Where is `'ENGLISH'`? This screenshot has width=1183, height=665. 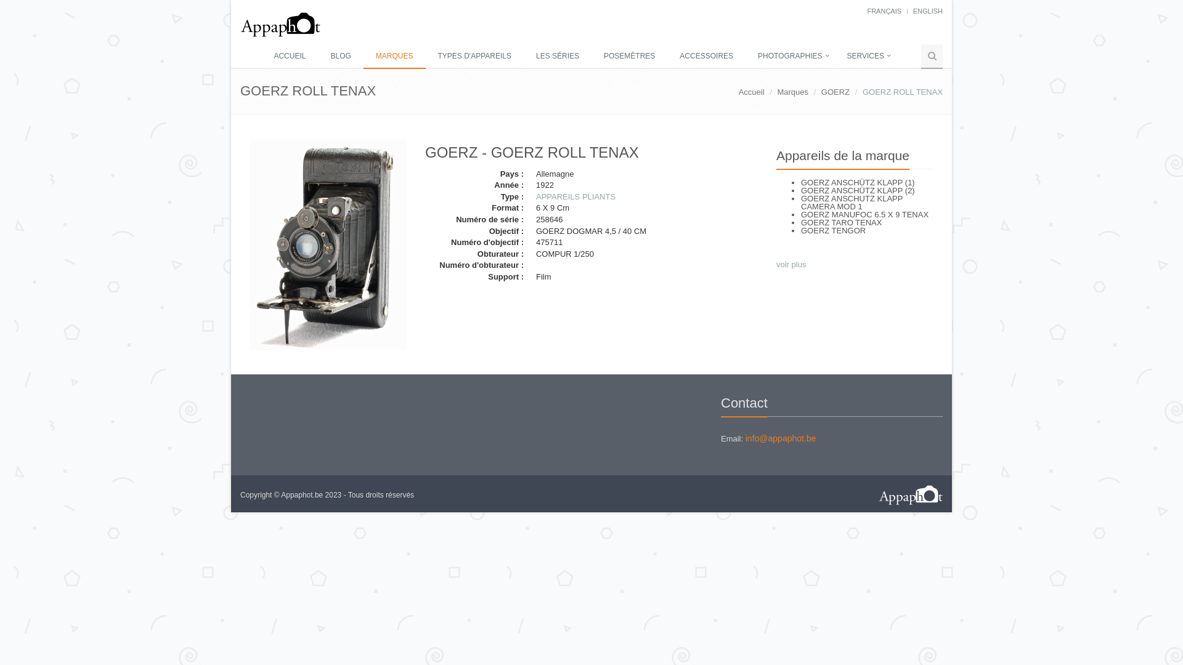 'ENGLISH' is located at coordinates (928, 11).